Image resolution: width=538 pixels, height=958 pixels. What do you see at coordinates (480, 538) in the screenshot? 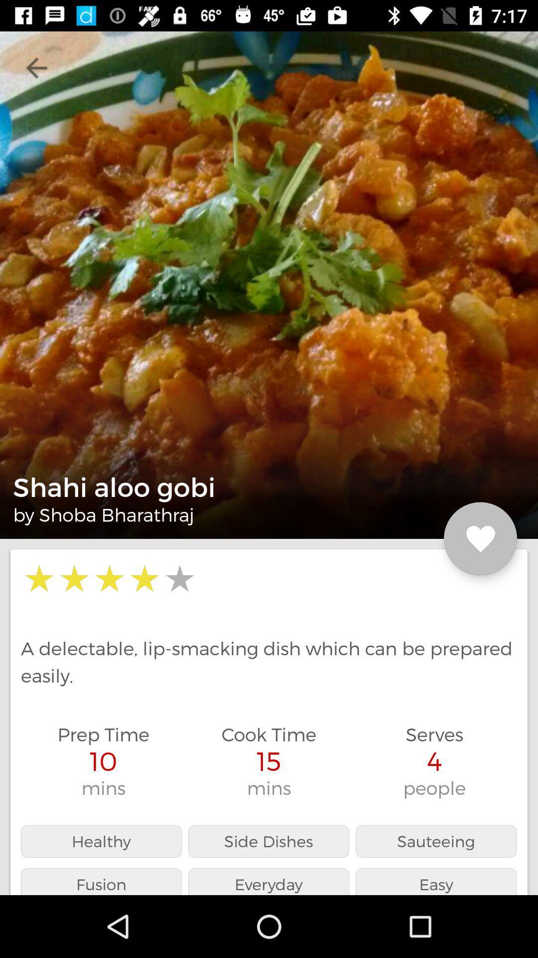
I see `item on the right` at bounding box center [480, 538].